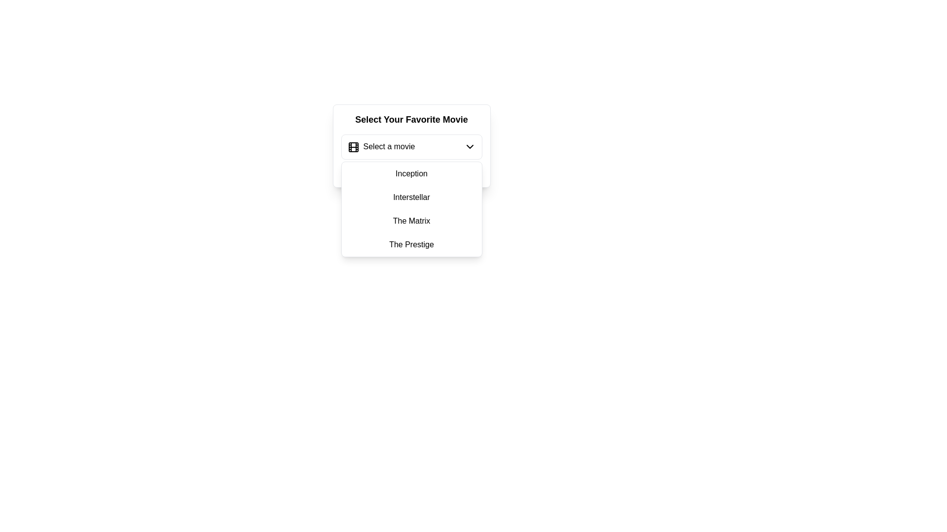 The height and width of the screenshot is (532, 947). I want to click on the red-colored text label reading 'Please select a movie.' which serves as an alert message indicating an error, positioned at the bottom of the movie selection dropdown, so click(411, 172).